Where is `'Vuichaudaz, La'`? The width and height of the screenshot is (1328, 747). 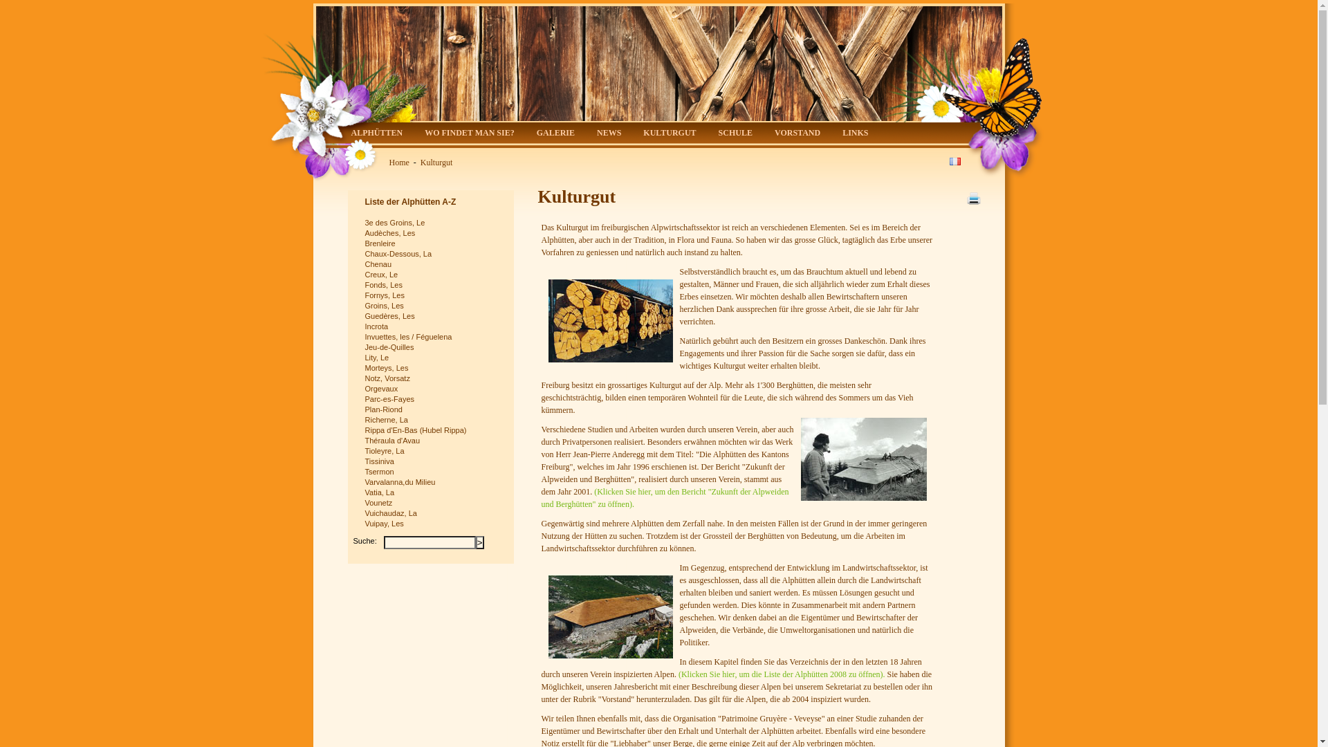
'Vuichaudaz, La' is located at coordinates (432, 513).